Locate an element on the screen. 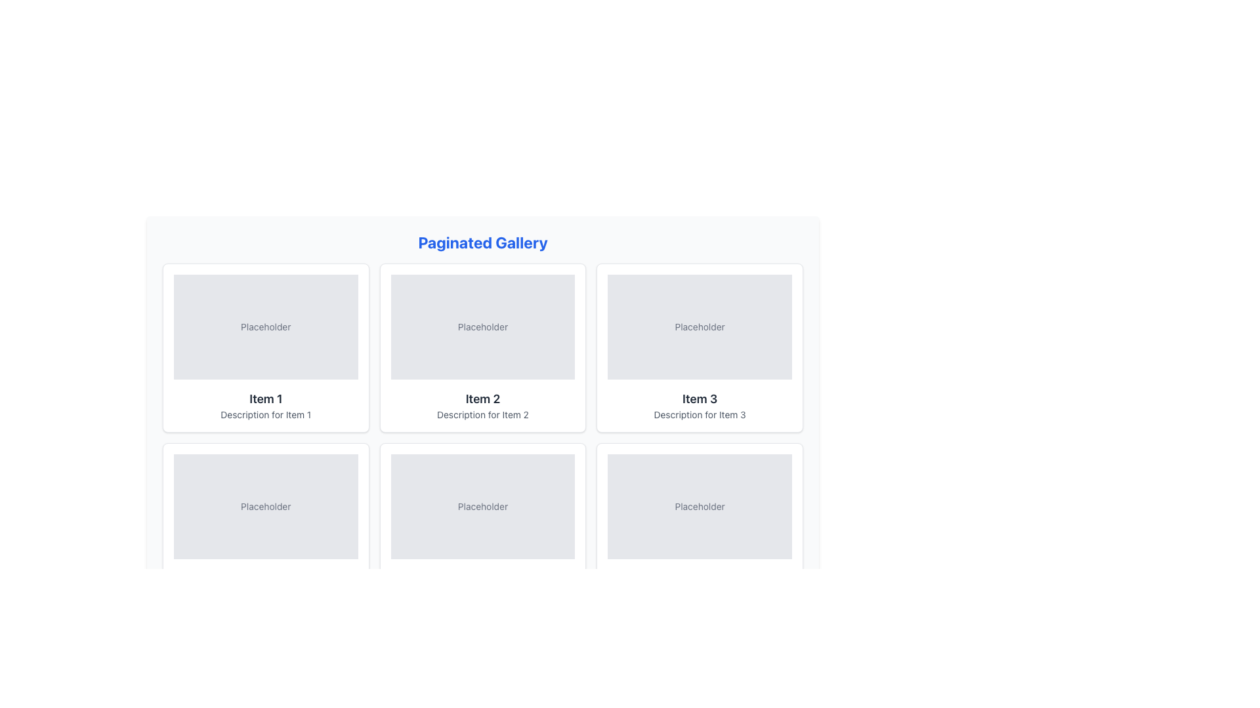  the placeholder text label located in the middle card of the second row in a grid layout, which is centrally positioned within a light gray rectangular card is located at coordinates (482, 505).